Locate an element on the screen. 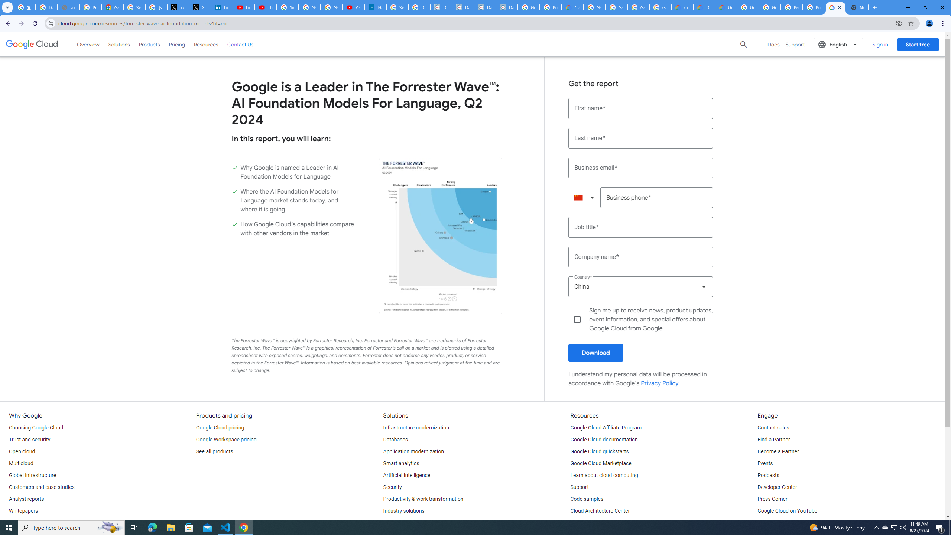 This screenshot has width=951, height=535. 'Google Cloud Tech on YouTube' is located at coordinates (793, 523).